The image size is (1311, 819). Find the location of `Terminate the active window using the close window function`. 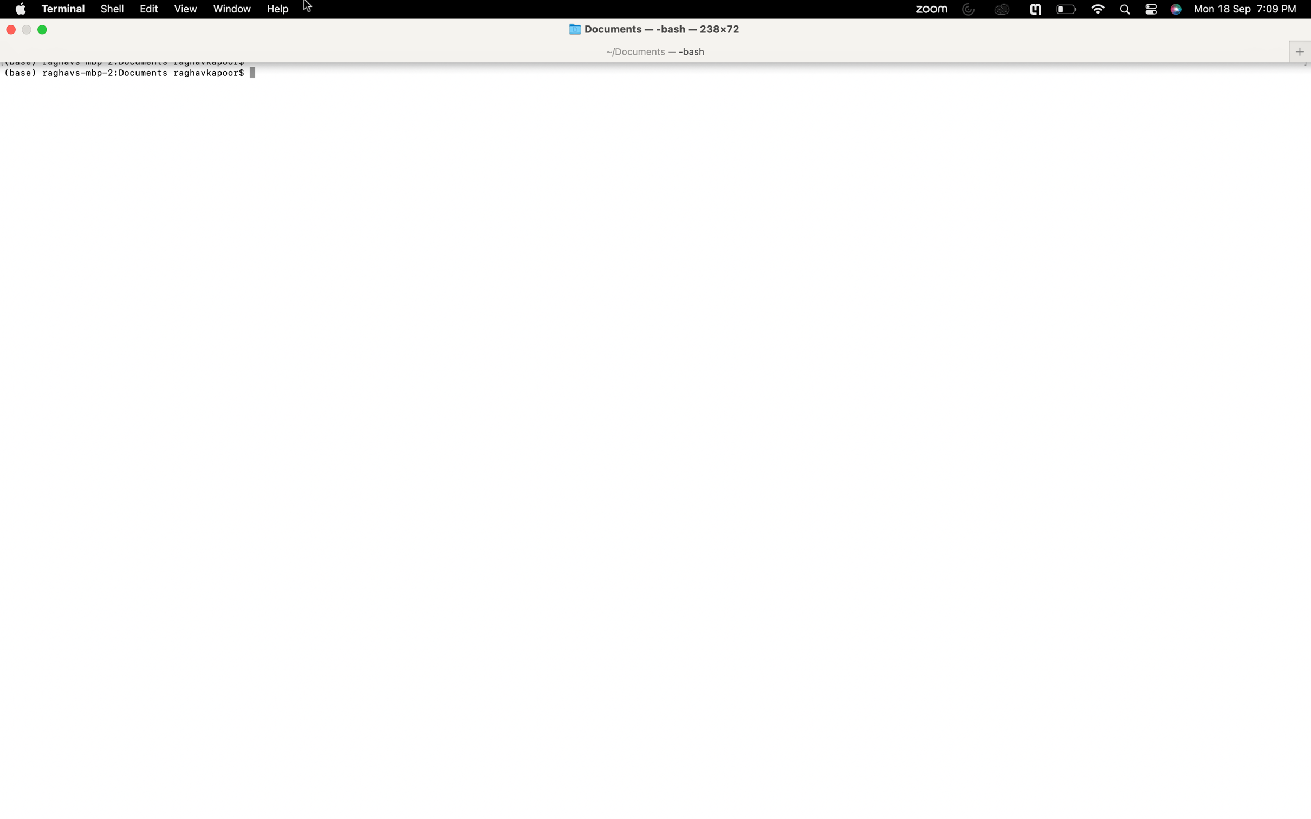

Terminate the active window using the close window function is located at coordinates (10, 28).